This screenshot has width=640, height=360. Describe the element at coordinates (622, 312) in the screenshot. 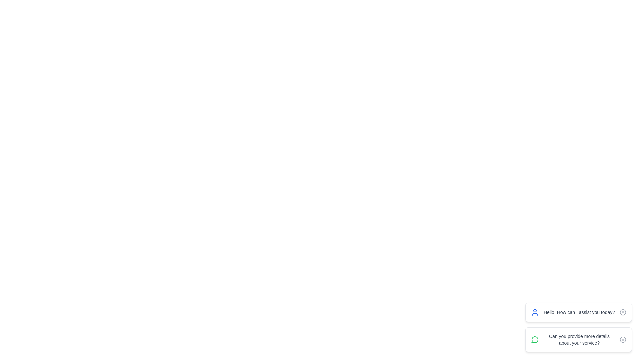

I see `delete button for the message with content 'Hello! How can I assist you today?'` at that location.